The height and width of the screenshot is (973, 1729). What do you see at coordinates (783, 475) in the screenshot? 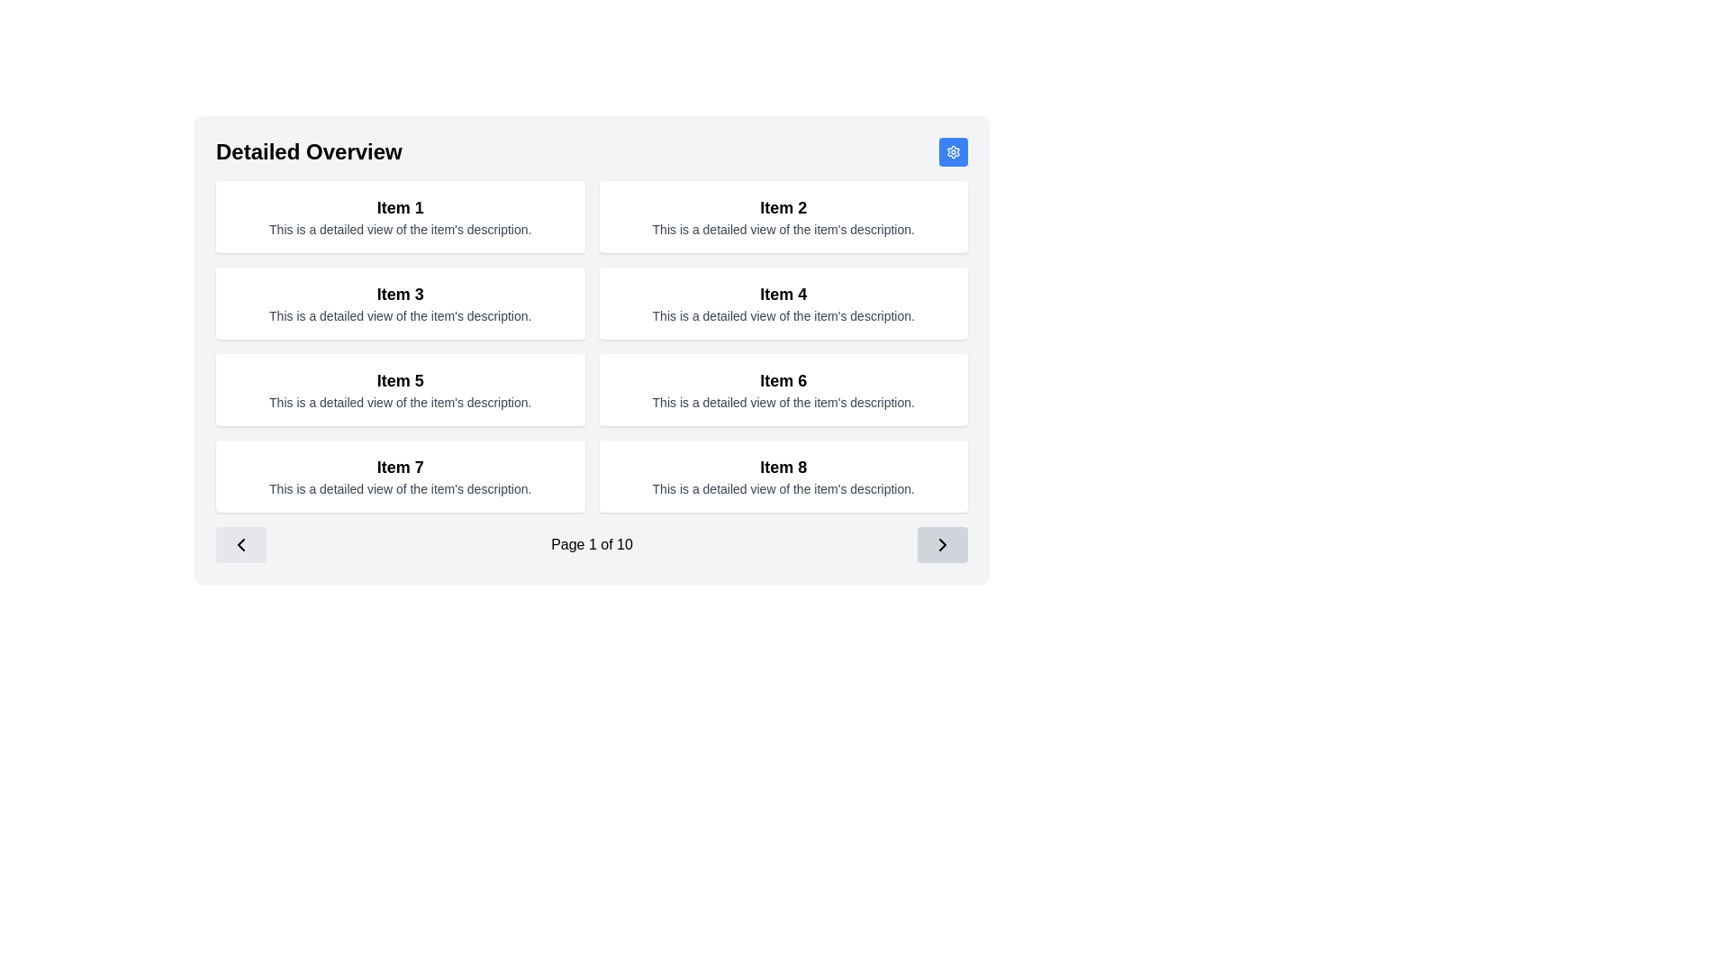
I see `the 8th card in the grid layout, which provides a title and a brief description of the item it represents` at bounding box center [783, 475].